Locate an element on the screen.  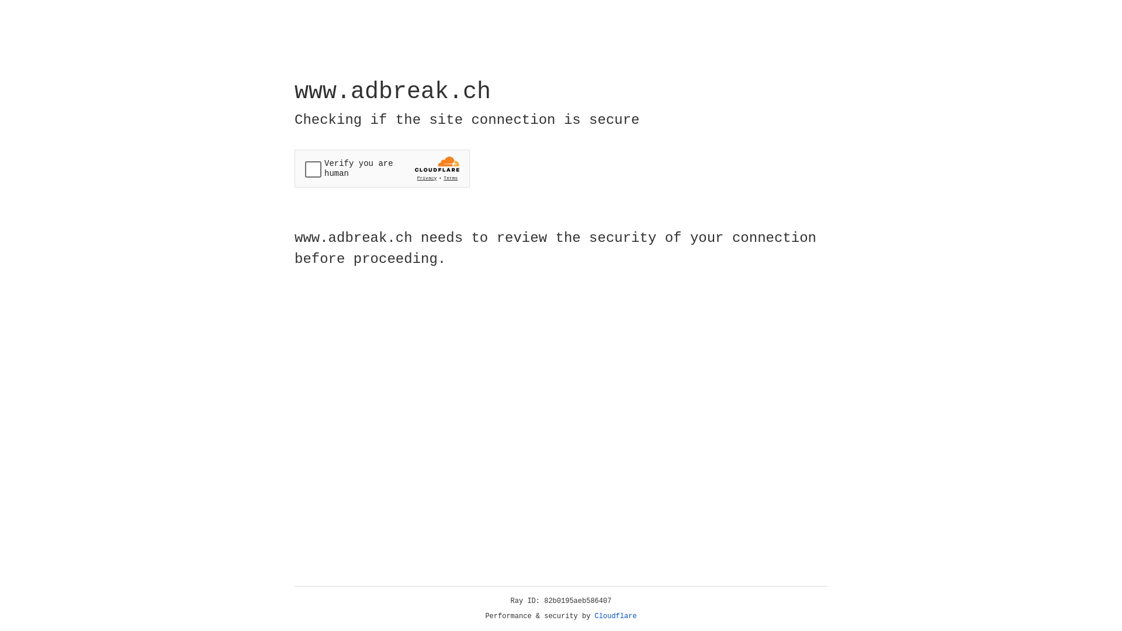
'Cloudflare' is located at coordinates (615, 616).